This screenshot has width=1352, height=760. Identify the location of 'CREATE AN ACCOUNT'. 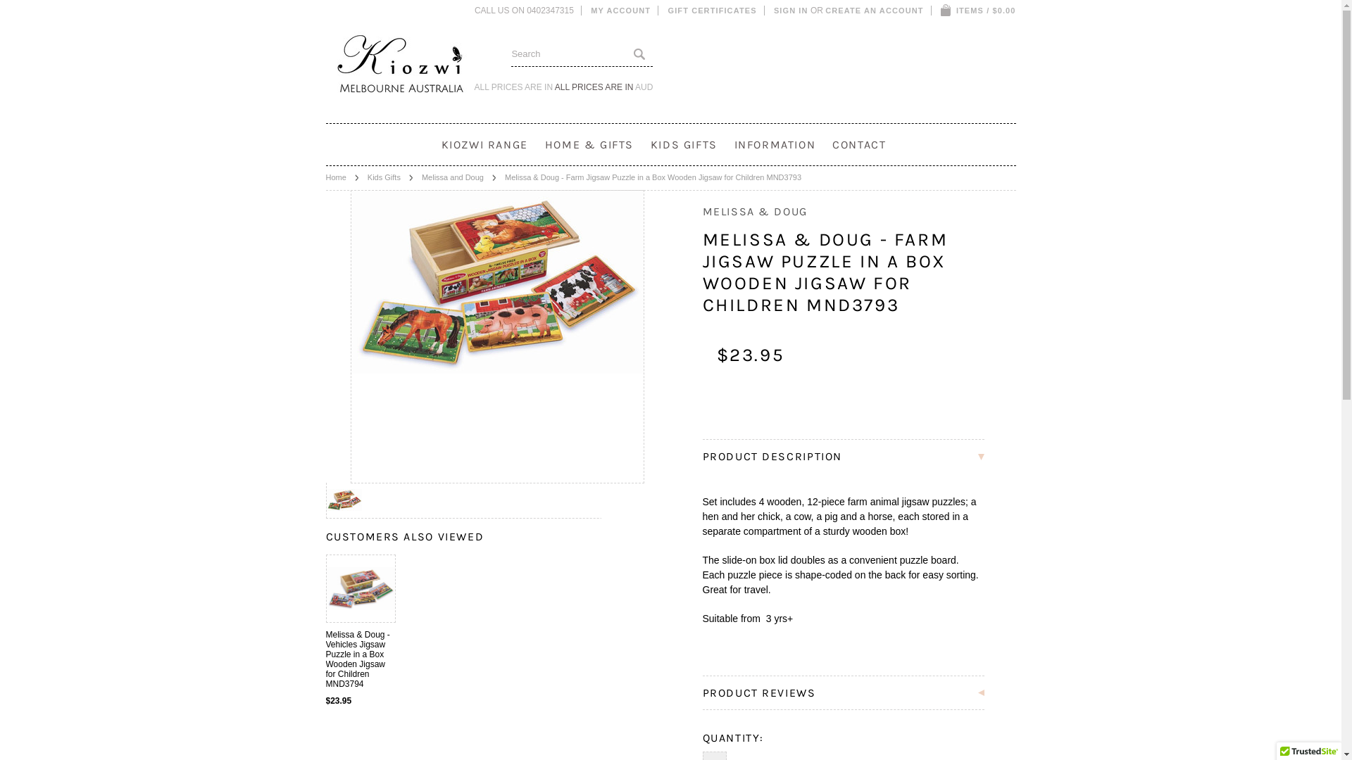
(873, 11).